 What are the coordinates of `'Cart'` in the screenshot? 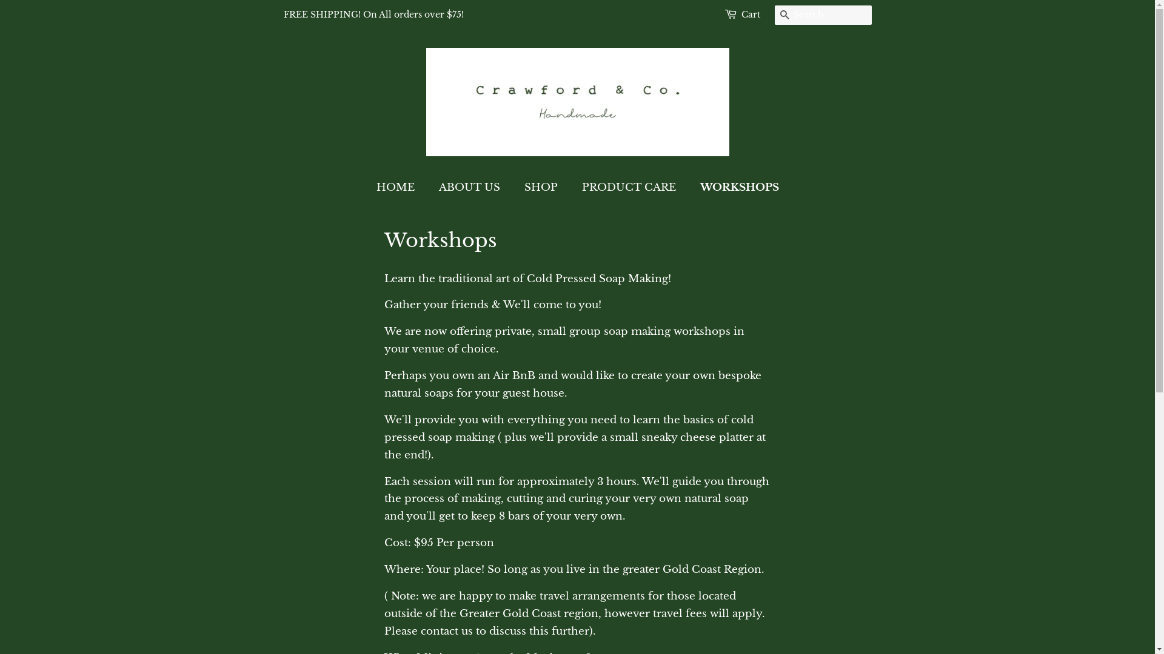 It's located at (749, 15).